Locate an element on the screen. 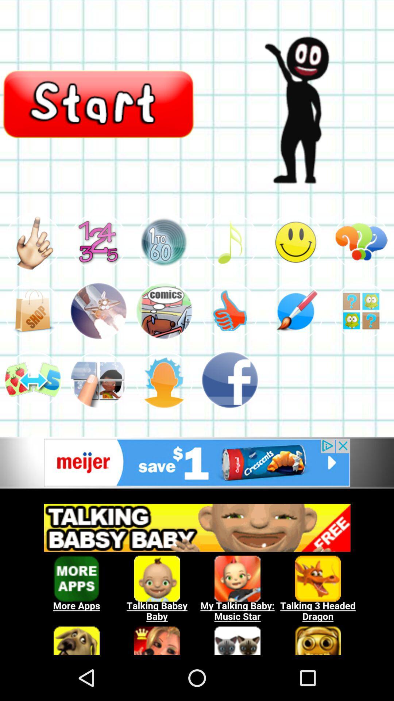  click on advertisement is located at coordinates (197, 462).